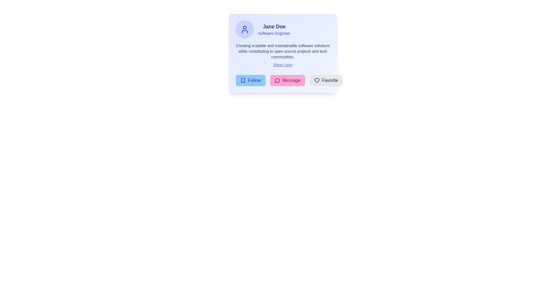  I want to click on the circular user icon with a light indigo background, located on the left side of the profile section displaying 'Jane Doe' and 'Software Engineer', so click(245, 29).